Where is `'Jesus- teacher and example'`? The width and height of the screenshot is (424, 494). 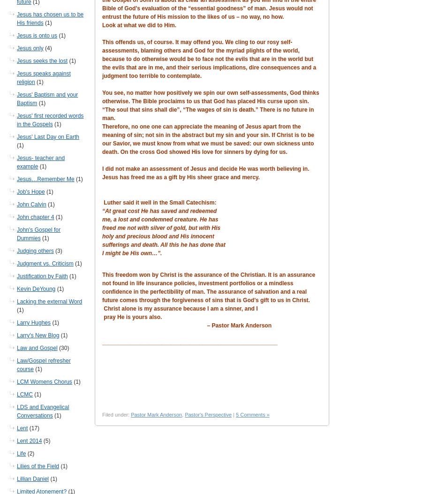
'Jesus- teacher and example' is located at coordinates (40, 162).